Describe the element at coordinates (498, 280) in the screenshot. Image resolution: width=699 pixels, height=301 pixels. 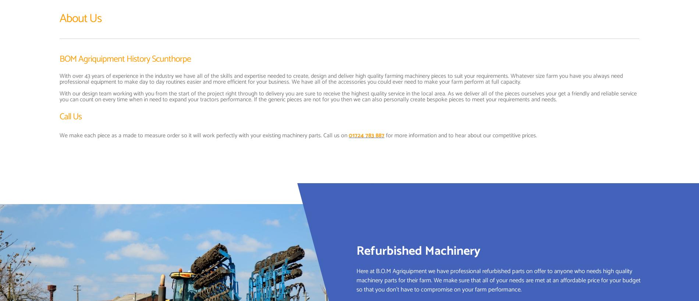
I see `'Here at B.O.M Agriquipment we have professional refurbished parts on offer to anyone who needs high quality machinery parts for their farm. We make sure that all of your needs are met at an affordable price for your budget so that you don't have to compromise on your farm performance.'` at that location.